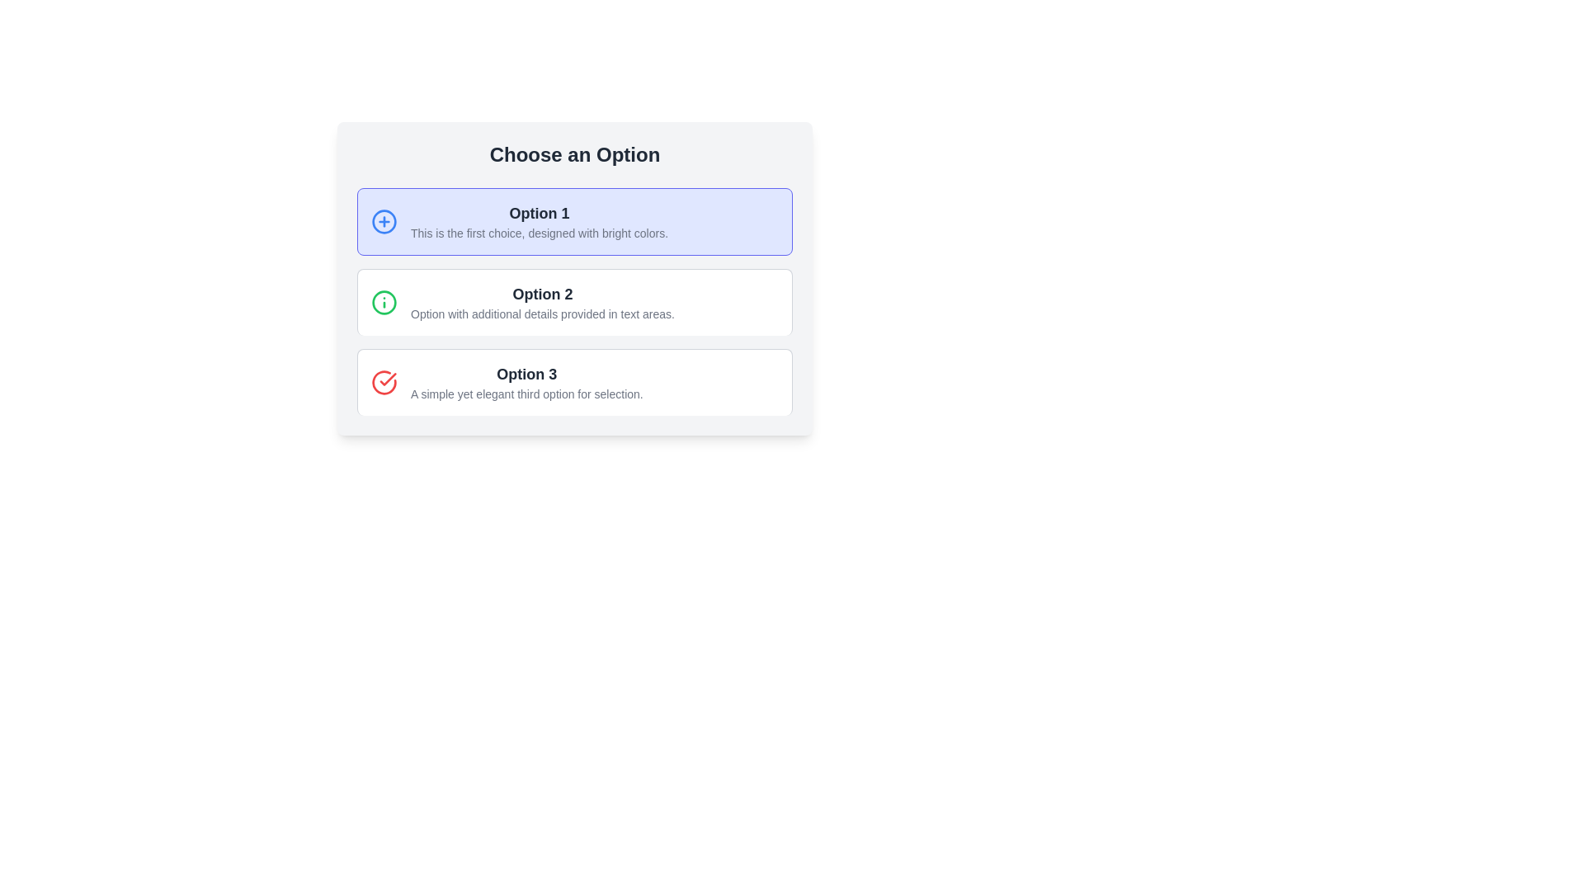 The height and width of the screenshot is (891, 1584). I want to click on the circular vector graphic with a plus symbol, which is the leftmost icon within the highlighted 'Option 1' block, so click(383, 221).